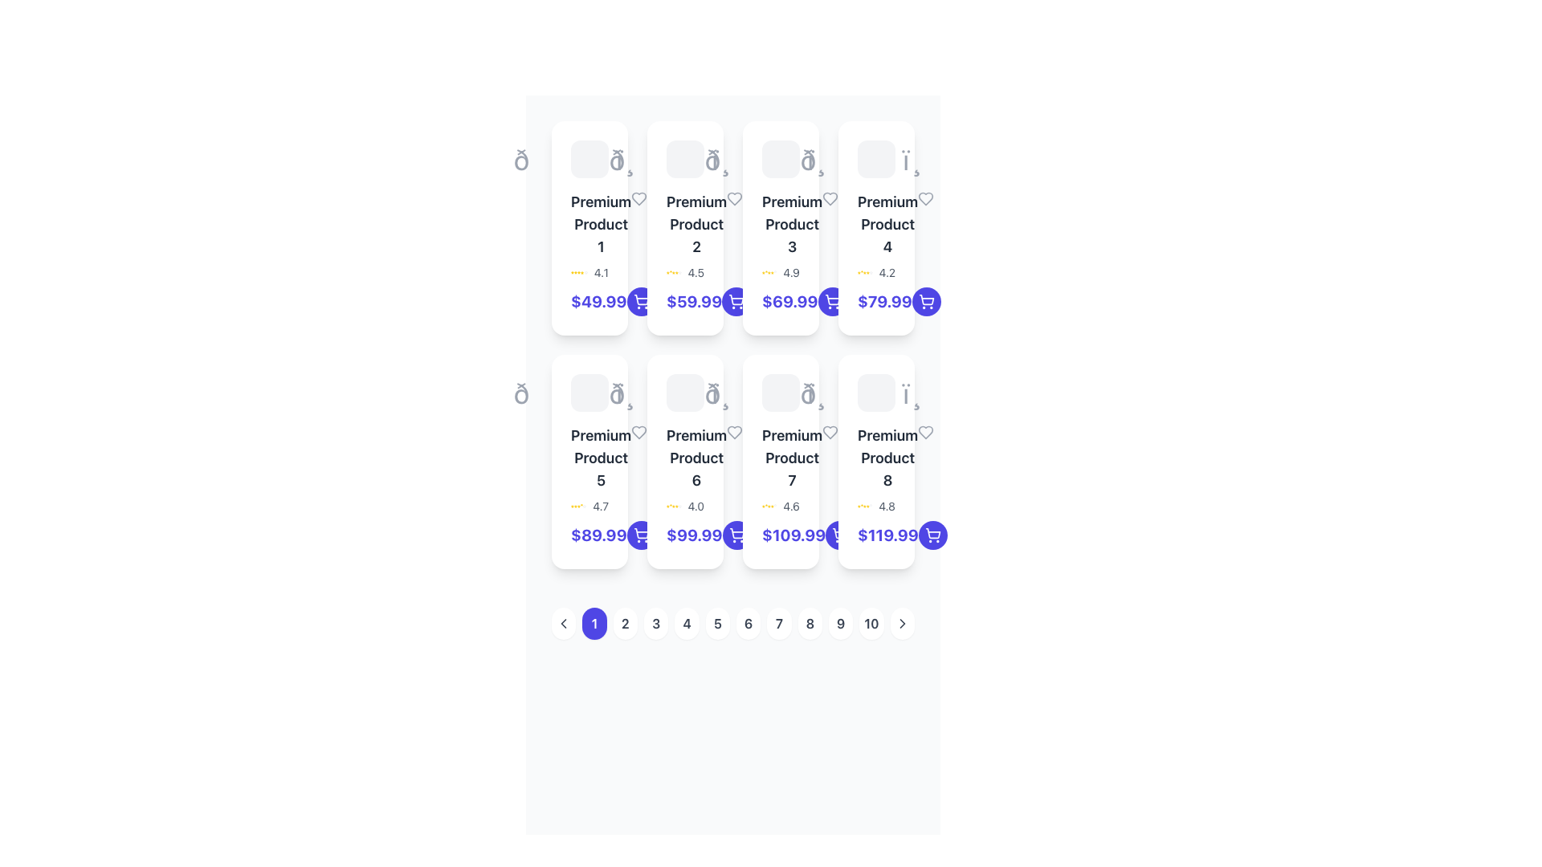 The width and height of the screenshot is (1542, 867). Describe the element at coordinates (887, 225) in the screenshot. I see `the text label displaying the name or title of the fourth product in the grid, located between 'Premium Product 3' and 'Premium Product 5'` at that location.